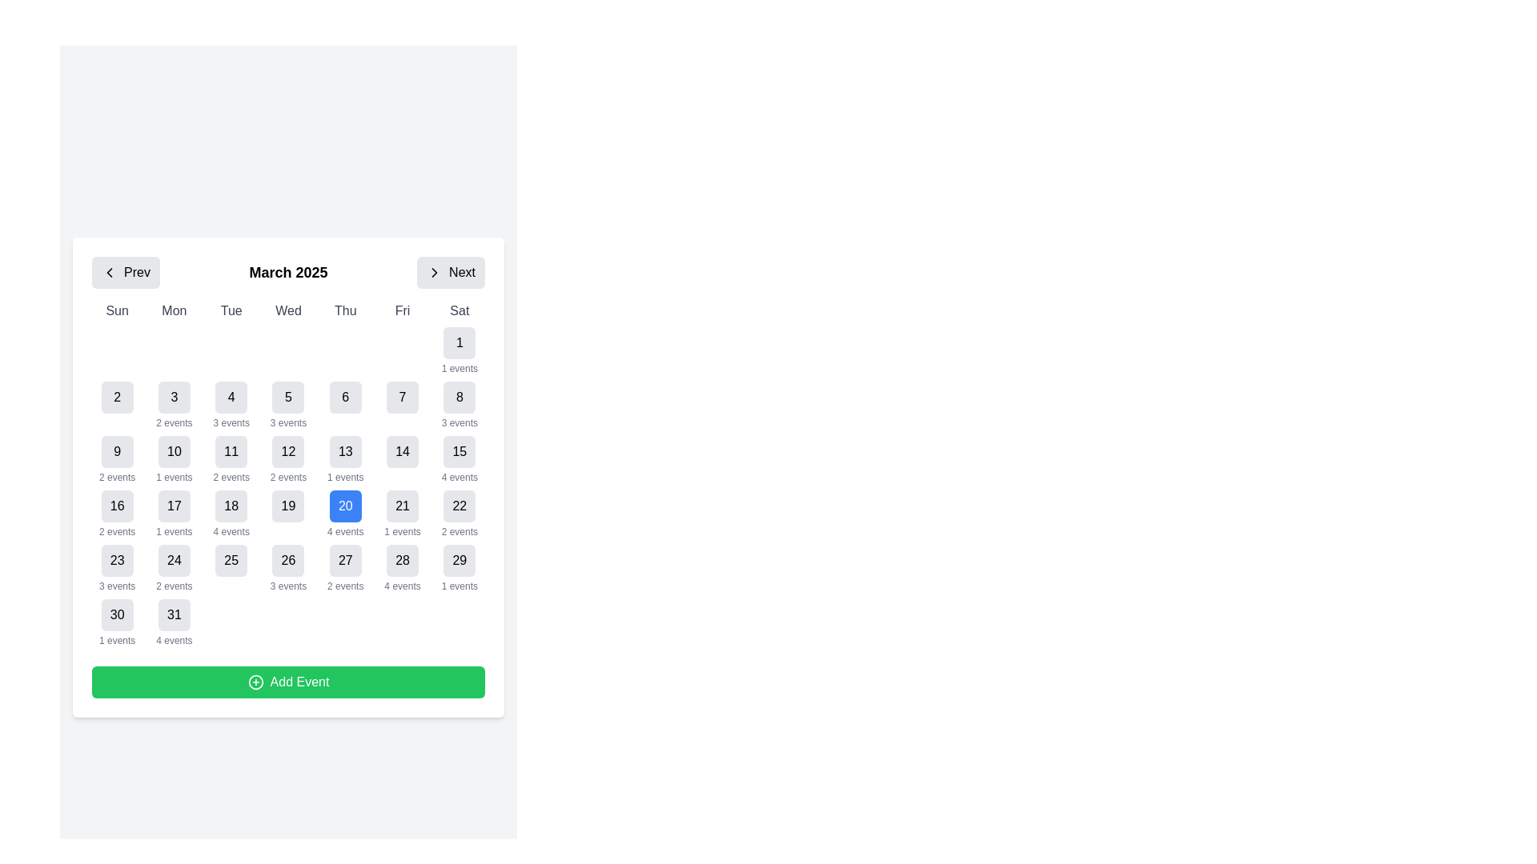  Describe the element at coordinates (116, 404) in the screenshot. I see `the interactive date button located in the calendar grid under the 'Sun' column, representing the second numeric date of the month` at that location.